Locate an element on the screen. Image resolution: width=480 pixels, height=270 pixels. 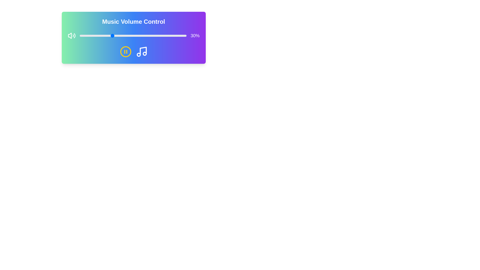
the first circular SVG graphical icon with a yellow border and a blue center, located in a horizontal row of interactive icons is located at coordinates (125, 52).